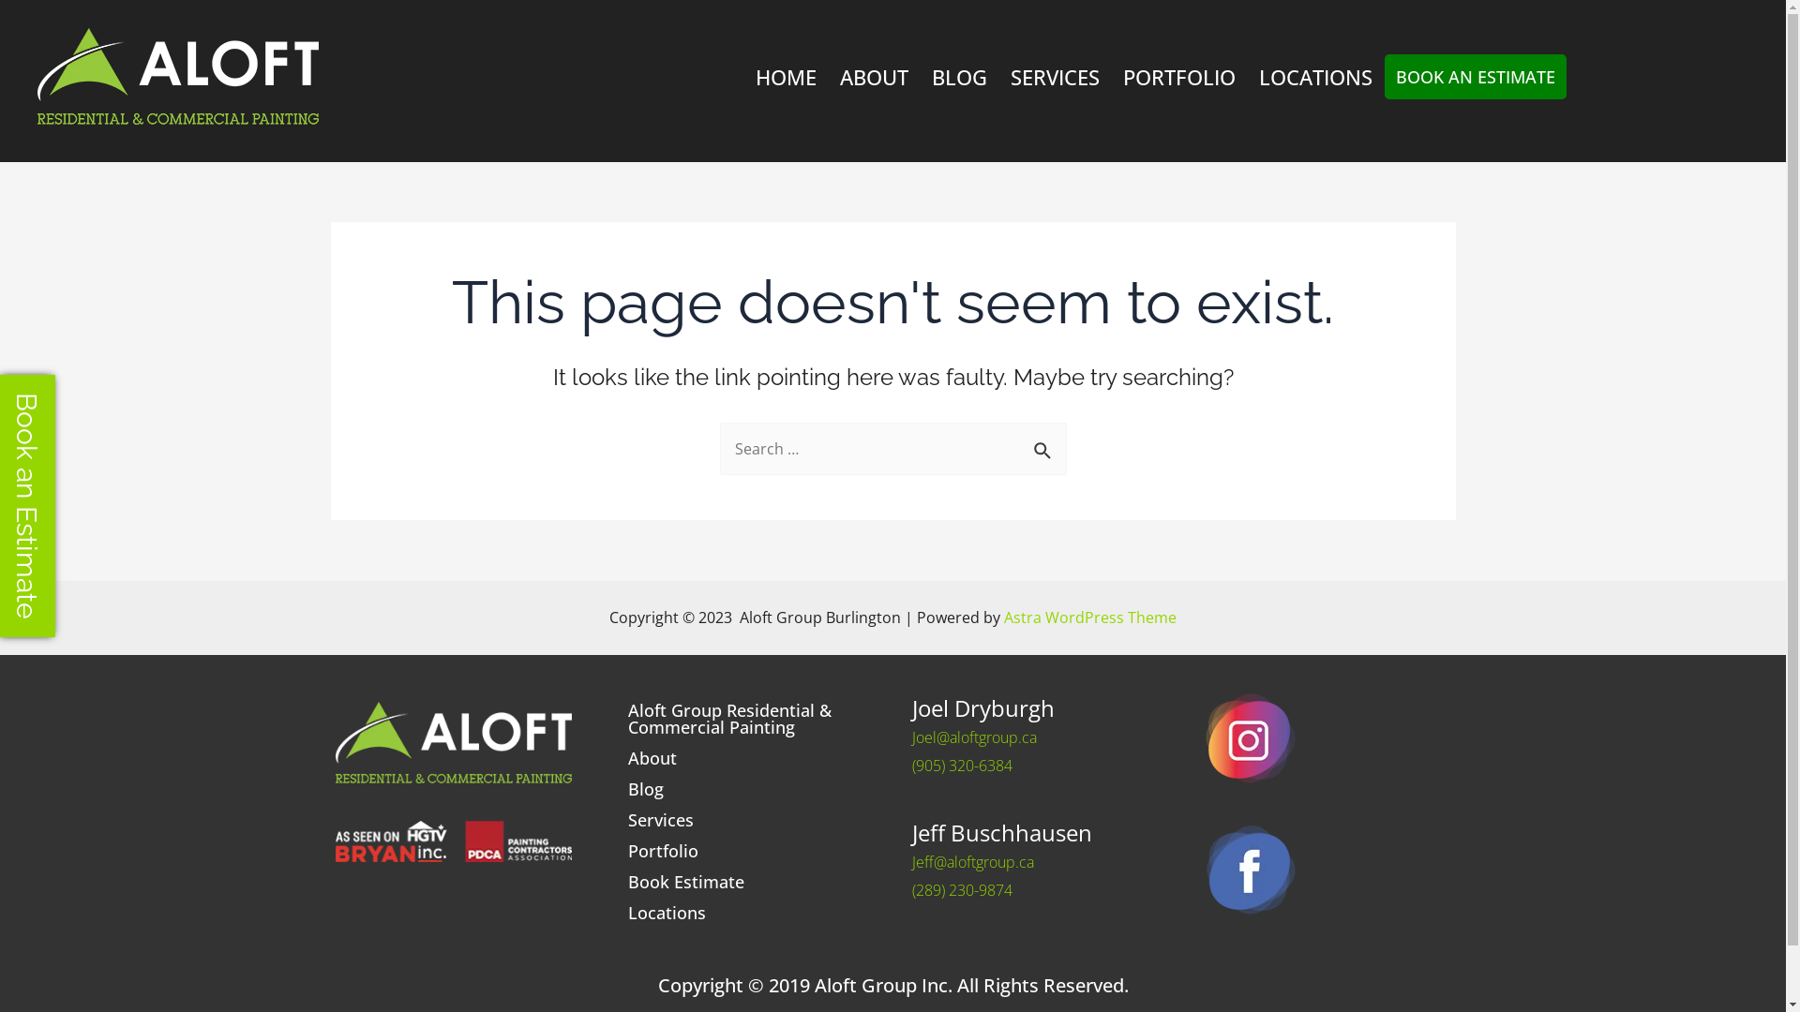  What do you see at coordinates (1205, 738) in the screenshot?
I see `'footer-social1'` at bounding box center [1205, 738].